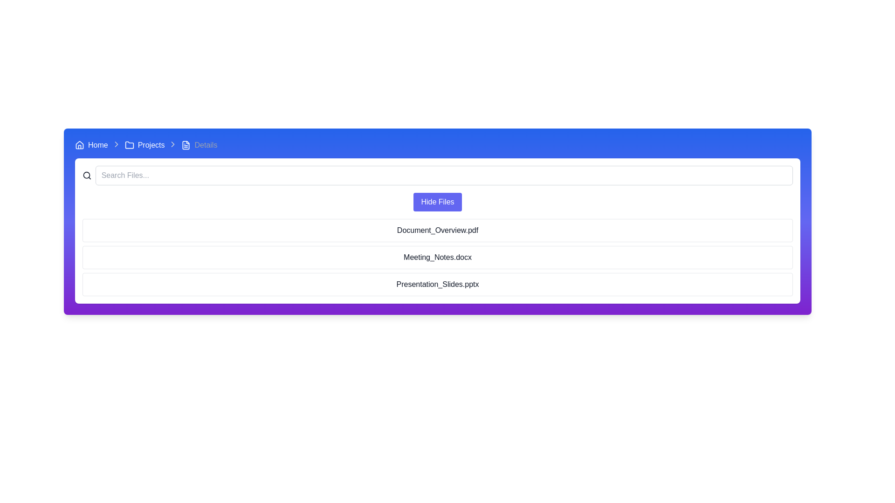 This screenshot has width=895, height=503. I want to click on the right-pointing chevron arrow icon in the top navigation bar, which is styled in gray and separates the breadcrumb items 'Projects' and 'Details', so click(116, 144).